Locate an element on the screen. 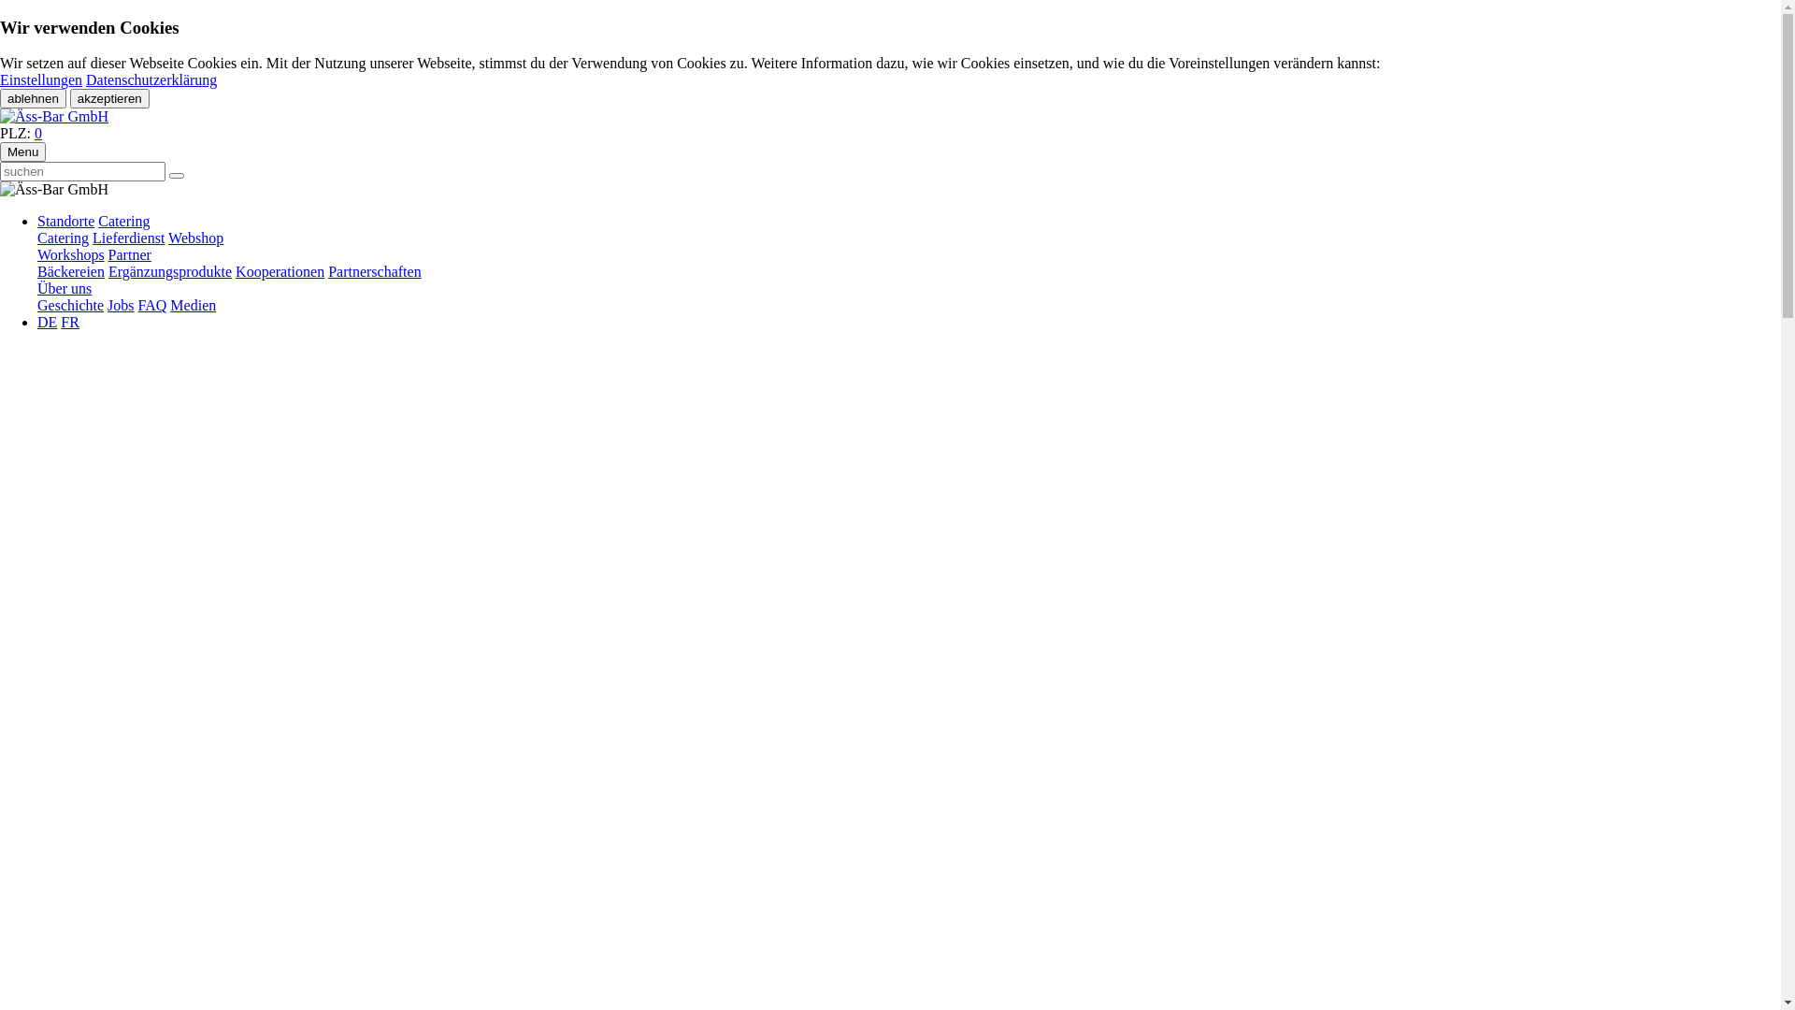 Image resolution: width=1795 pixels, height=1010 pixels. 'akzeptieren' is located at coordinates (108, 98).